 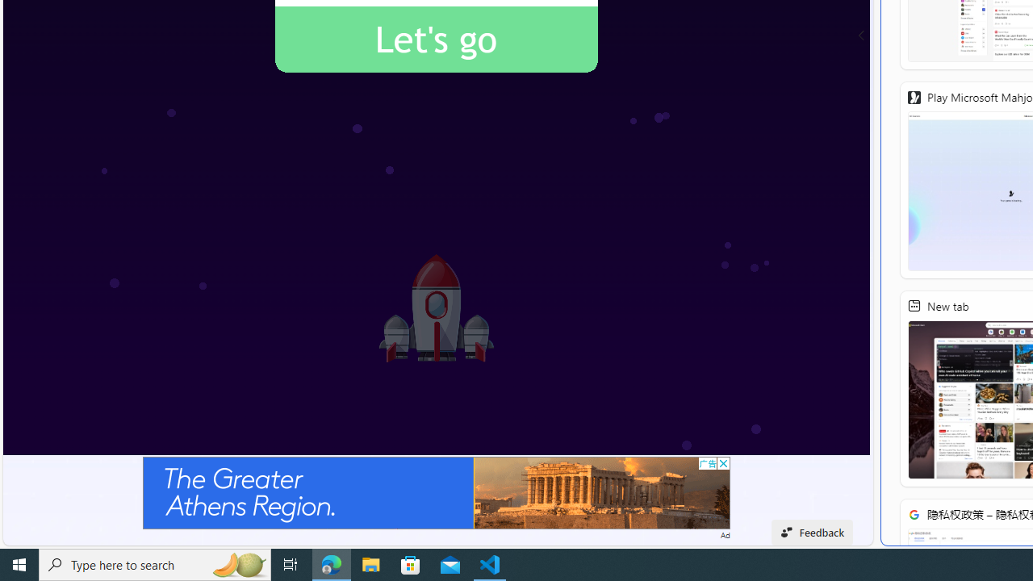 What do you see at coordinates (436, 491) in the screenshot?
I see `'Advertisement'` at bounding box center [436, 491].